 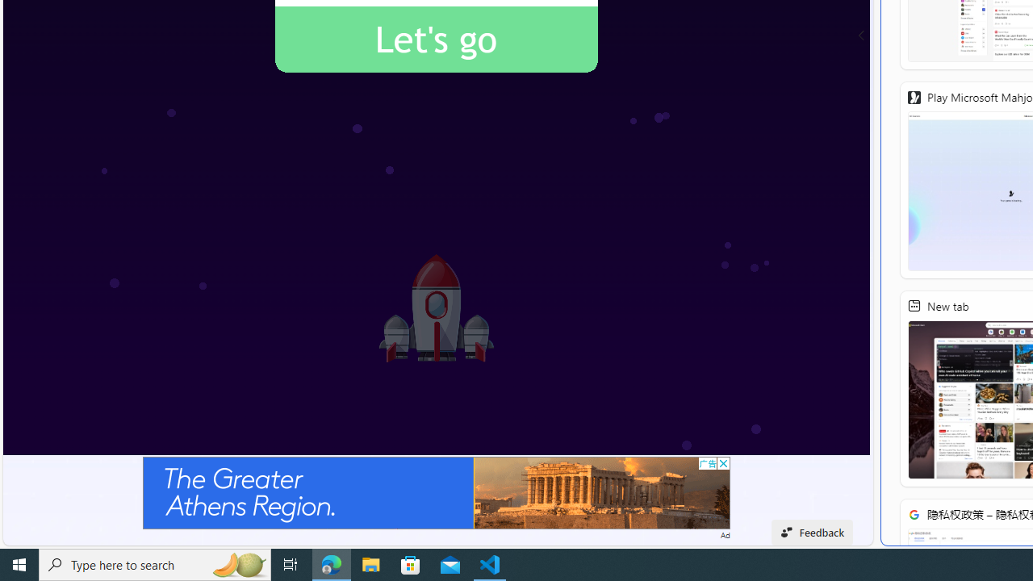 What do you see at coordinates (436, 491) in the screenshot?
I see `'Advertisement'` at bounding box center [436, 491].